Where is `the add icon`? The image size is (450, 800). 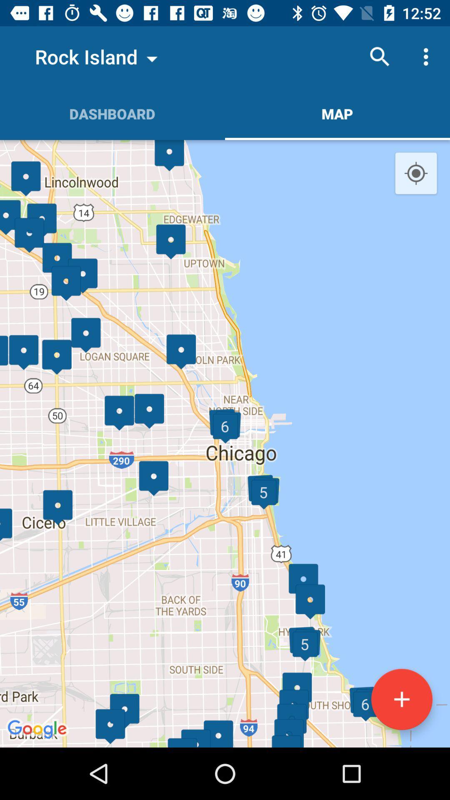 the add icon is located at coordinates (401, 699).